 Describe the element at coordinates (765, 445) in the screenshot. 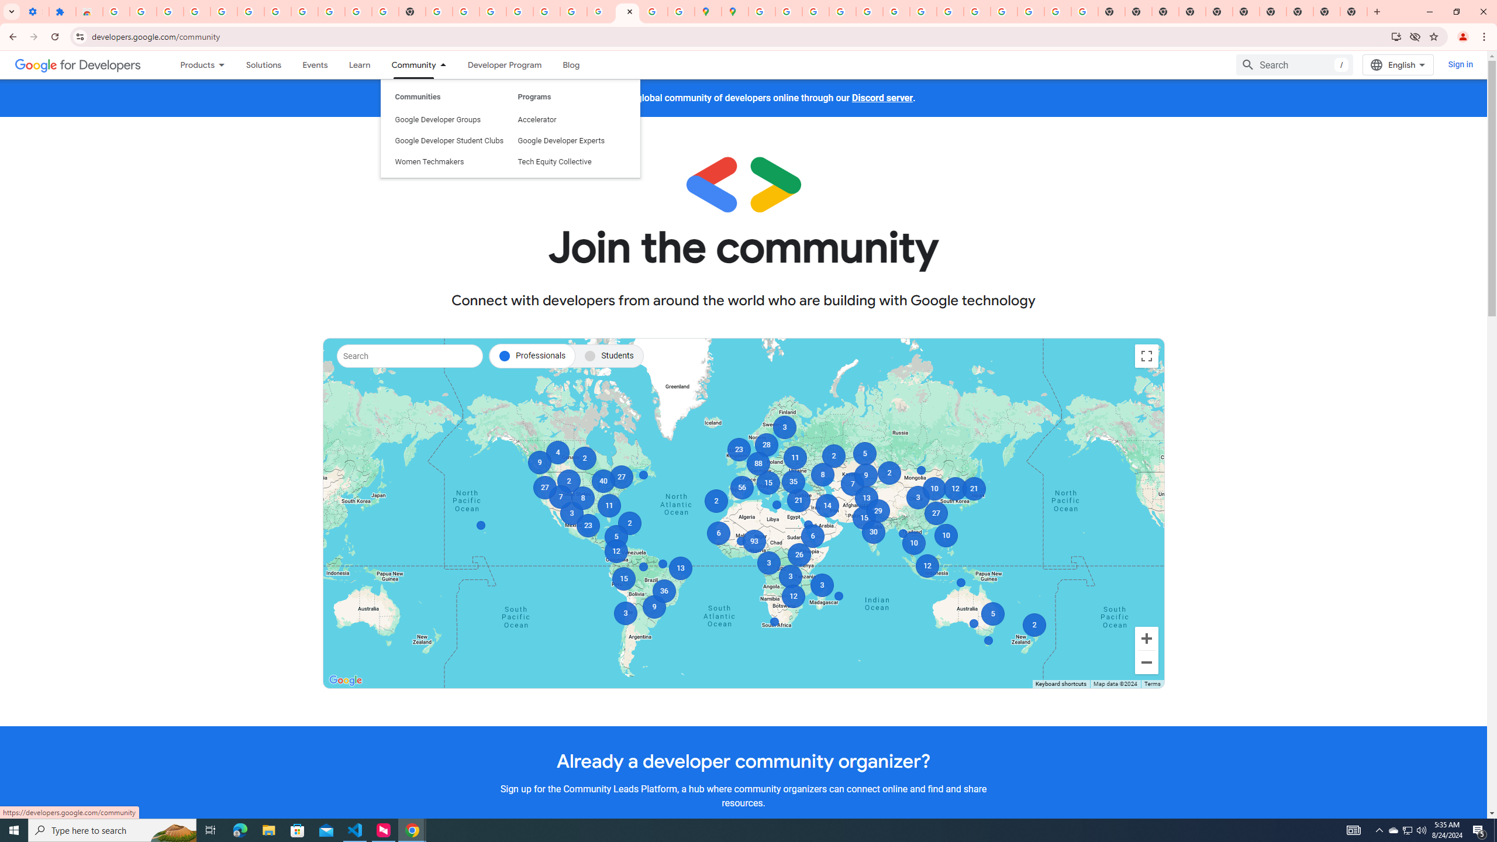

I see `'28'` at that location.